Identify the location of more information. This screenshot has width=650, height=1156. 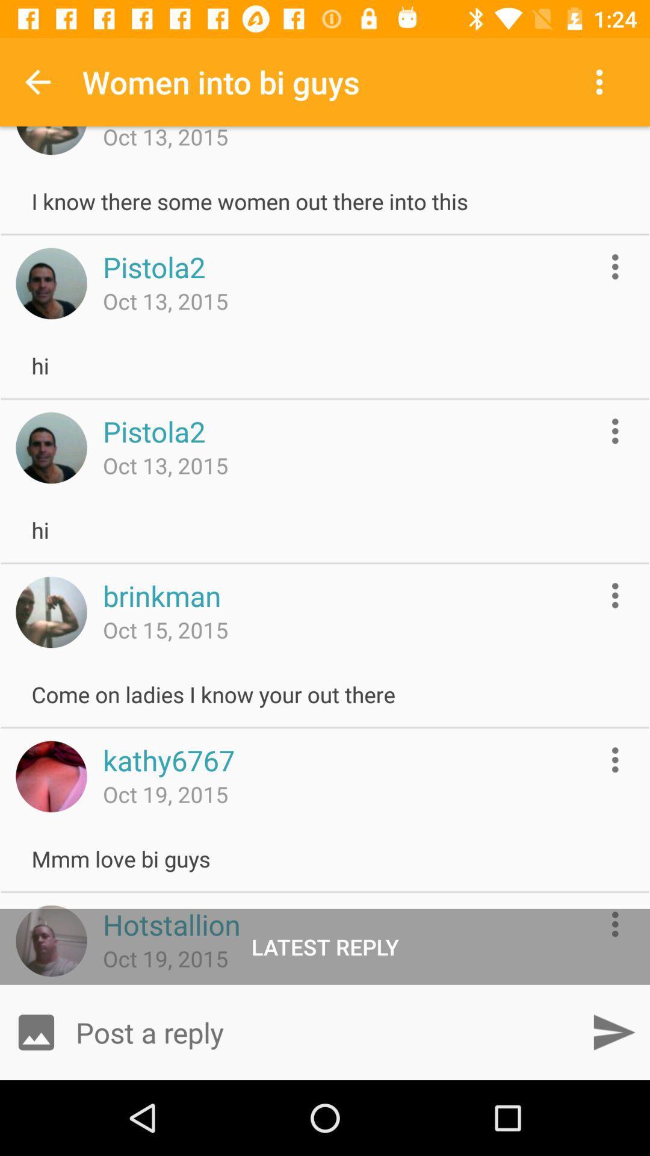
(615, 431).